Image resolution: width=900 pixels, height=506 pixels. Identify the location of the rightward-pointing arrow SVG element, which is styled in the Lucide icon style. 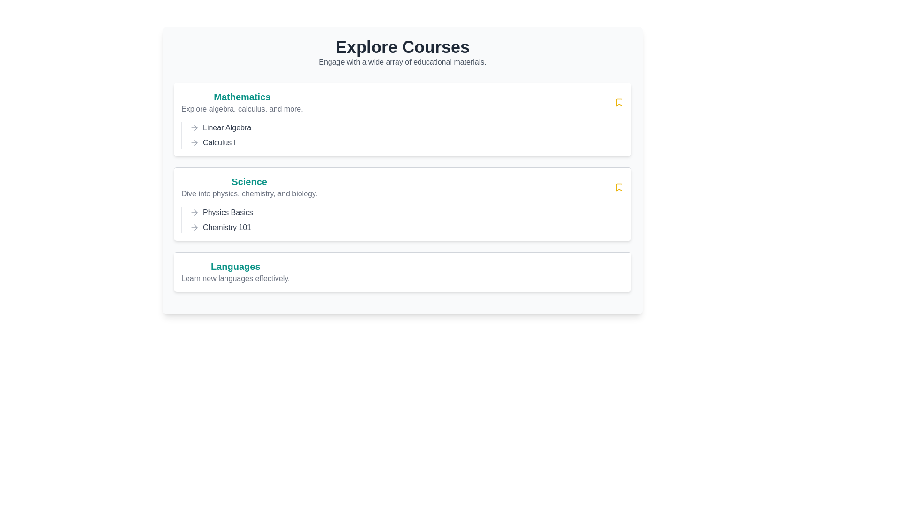
(195, 142).